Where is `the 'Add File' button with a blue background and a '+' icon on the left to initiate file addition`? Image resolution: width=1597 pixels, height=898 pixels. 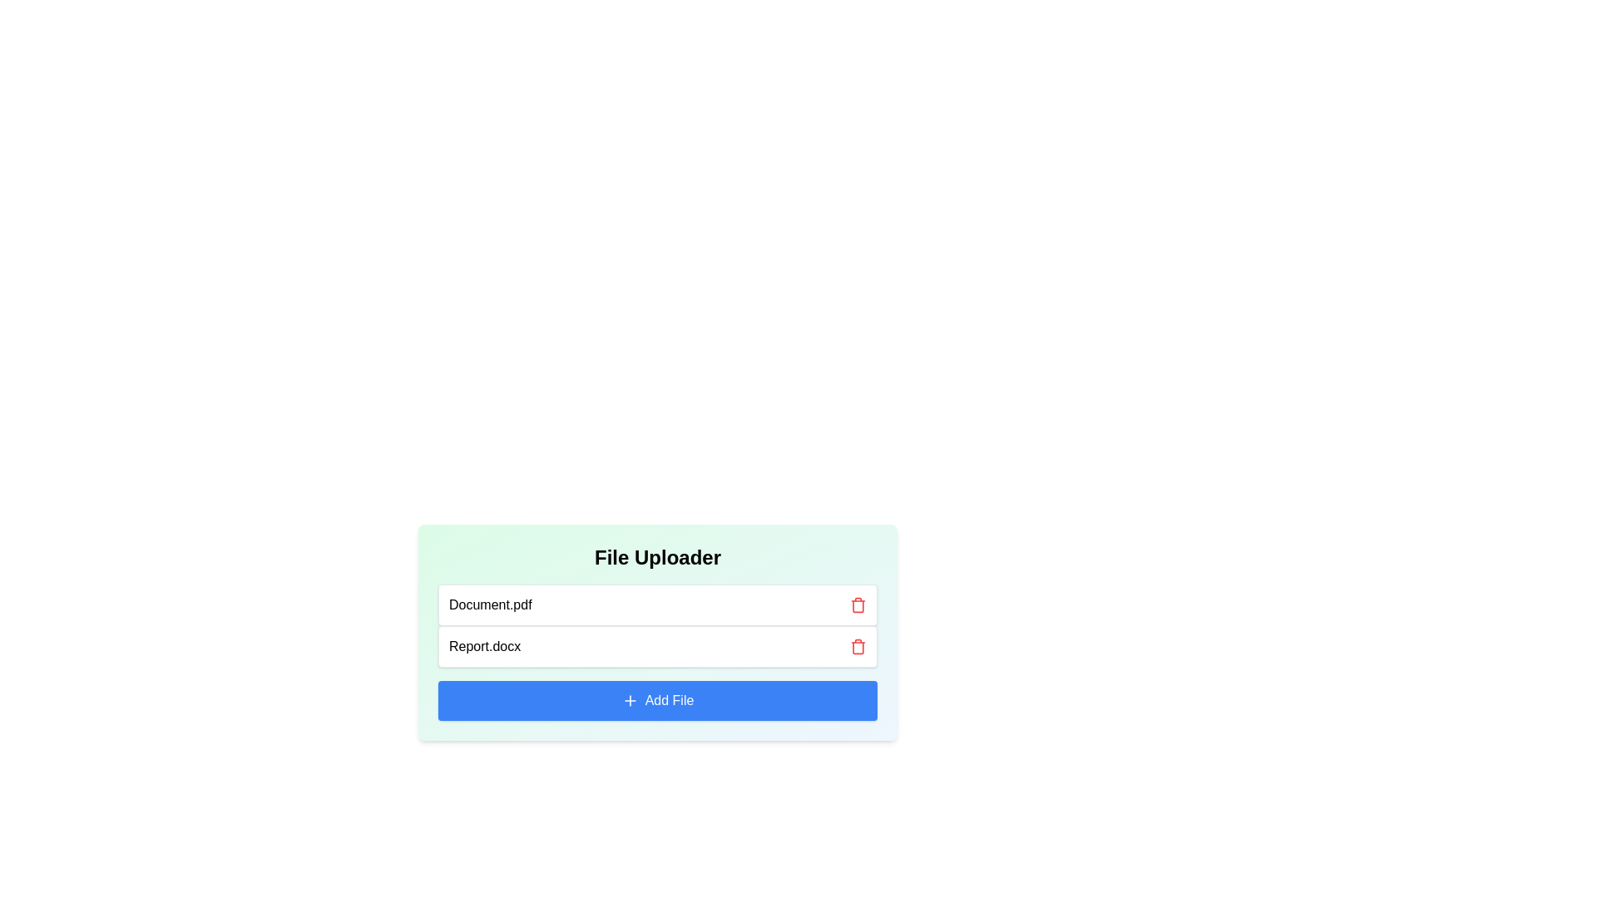 the 'Add File' button with a blue background and a '+' icon on the left to initiate file addition is located at coordinates (657, 701).